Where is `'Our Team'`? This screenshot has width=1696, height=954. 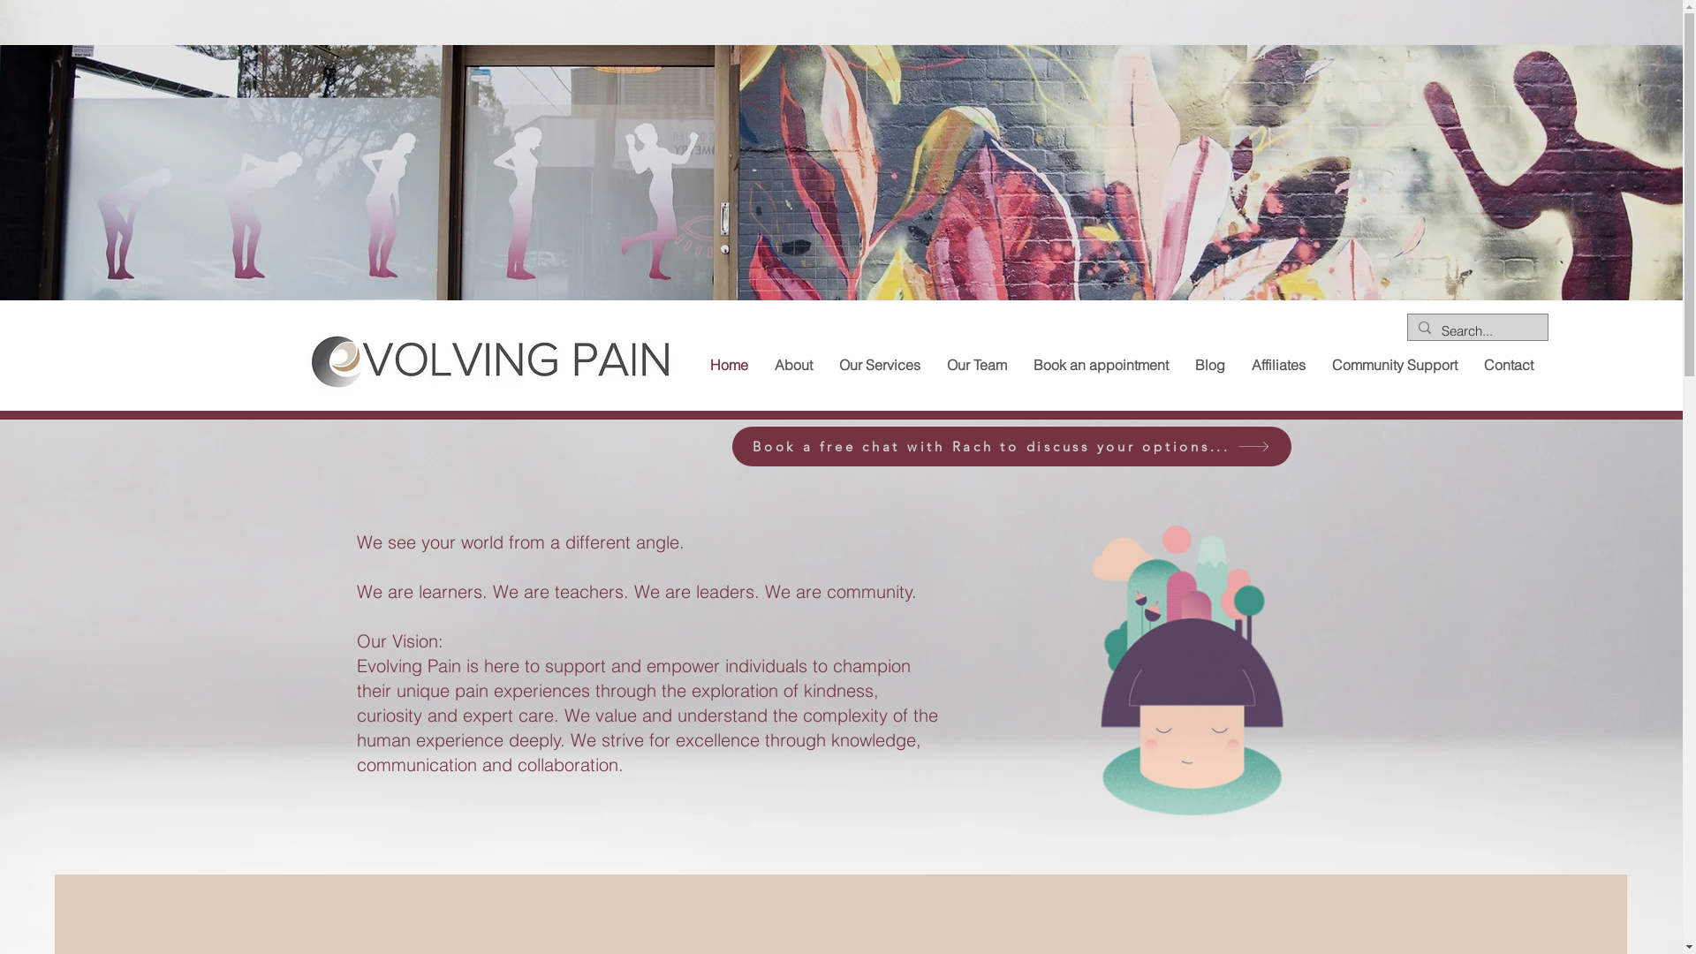
'Our Team' is located at coordinates (932, 364).